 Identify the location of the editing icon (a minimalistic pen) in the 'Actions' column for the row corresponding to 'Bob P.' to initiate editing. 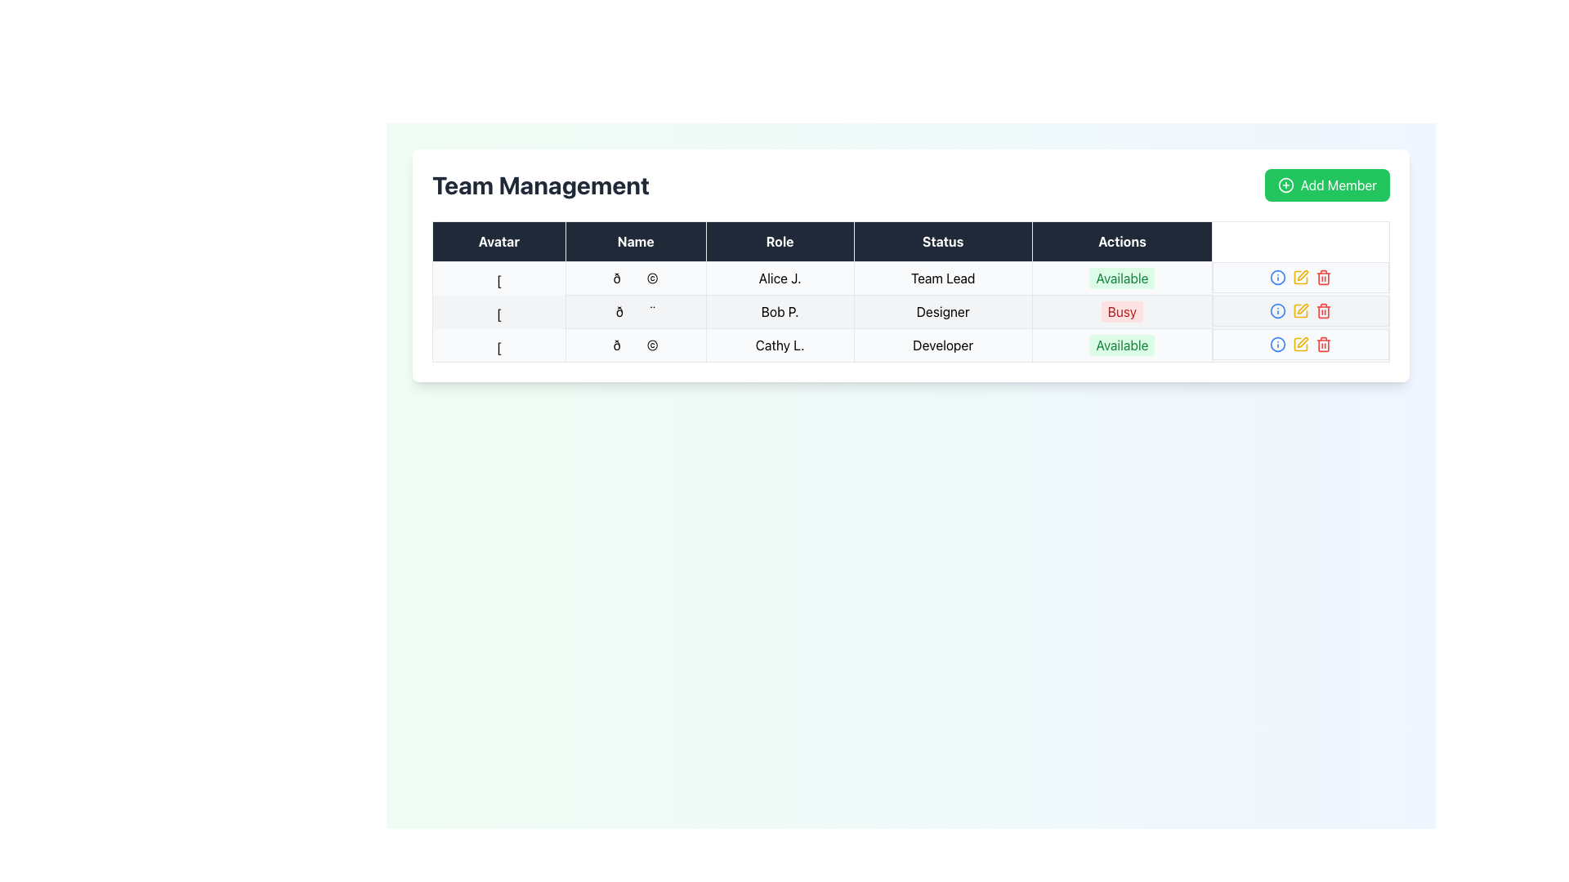
(1302, 274).